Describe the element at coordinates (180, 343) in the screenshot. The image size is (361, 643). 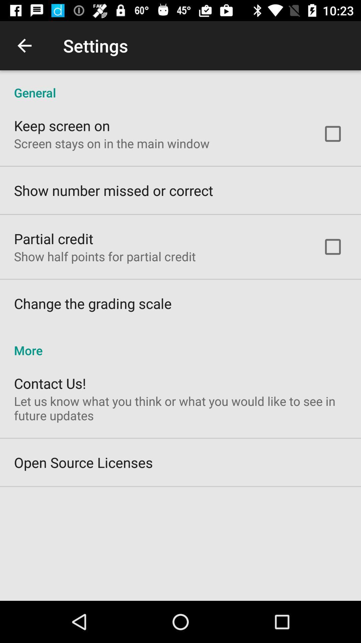
I see `more icon` at that location.